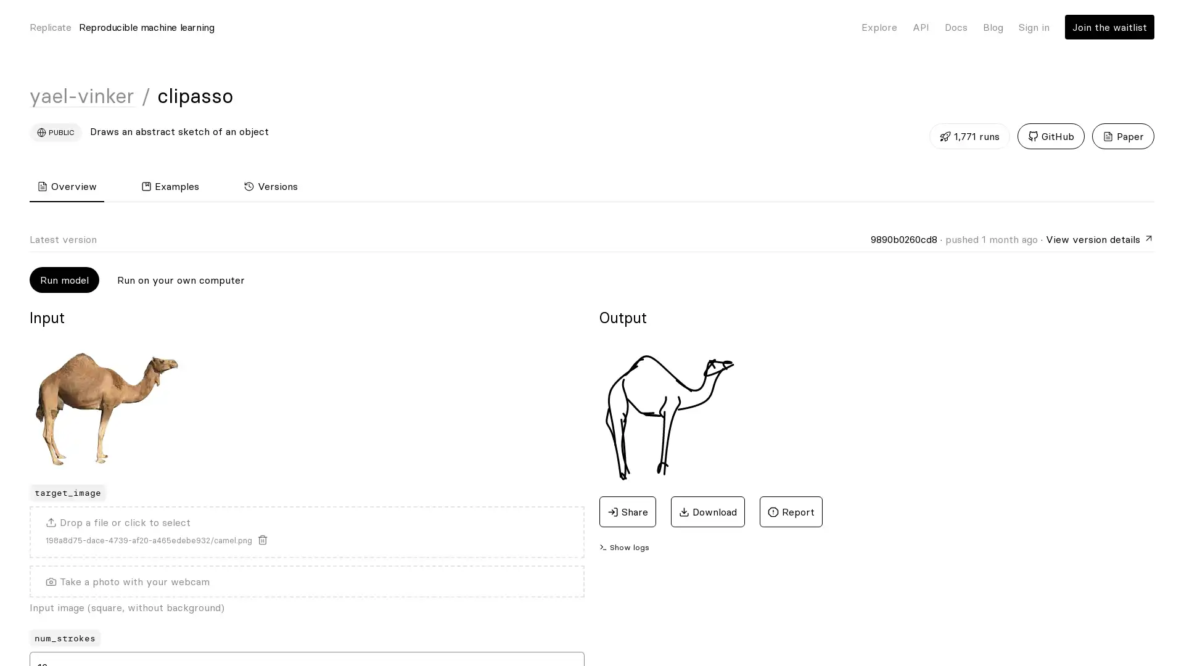 This screenshot has width=1184, height=666. I want to click on Take a photo with your webcam, so click(307, 581).